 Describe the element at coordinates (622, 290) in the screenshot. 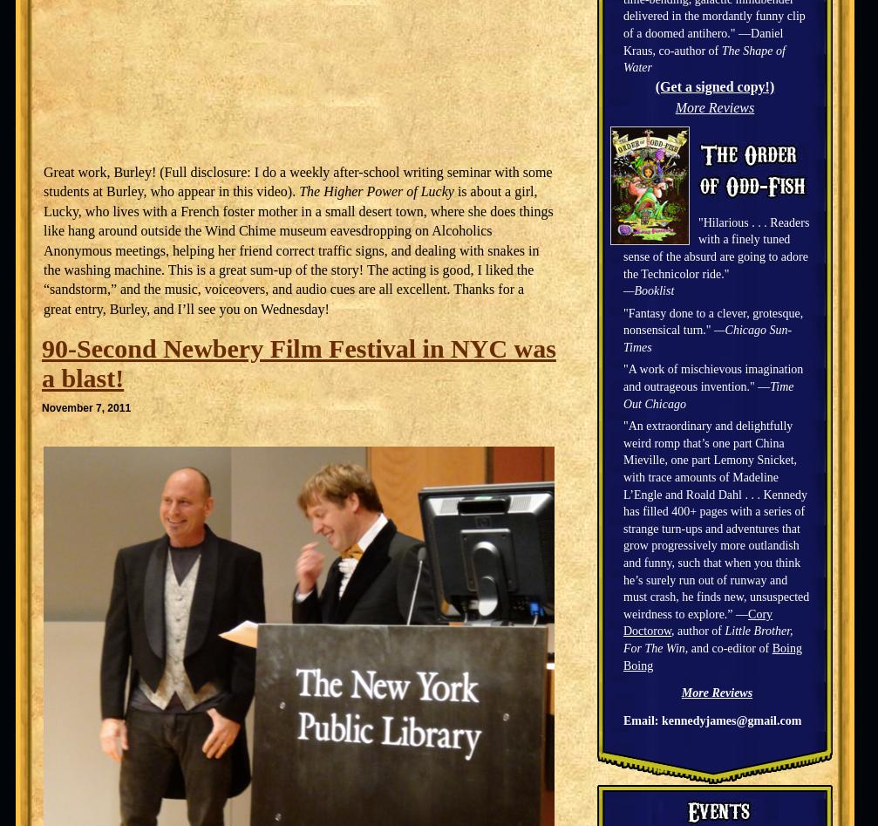

I see `'—Booklist'` at that location.